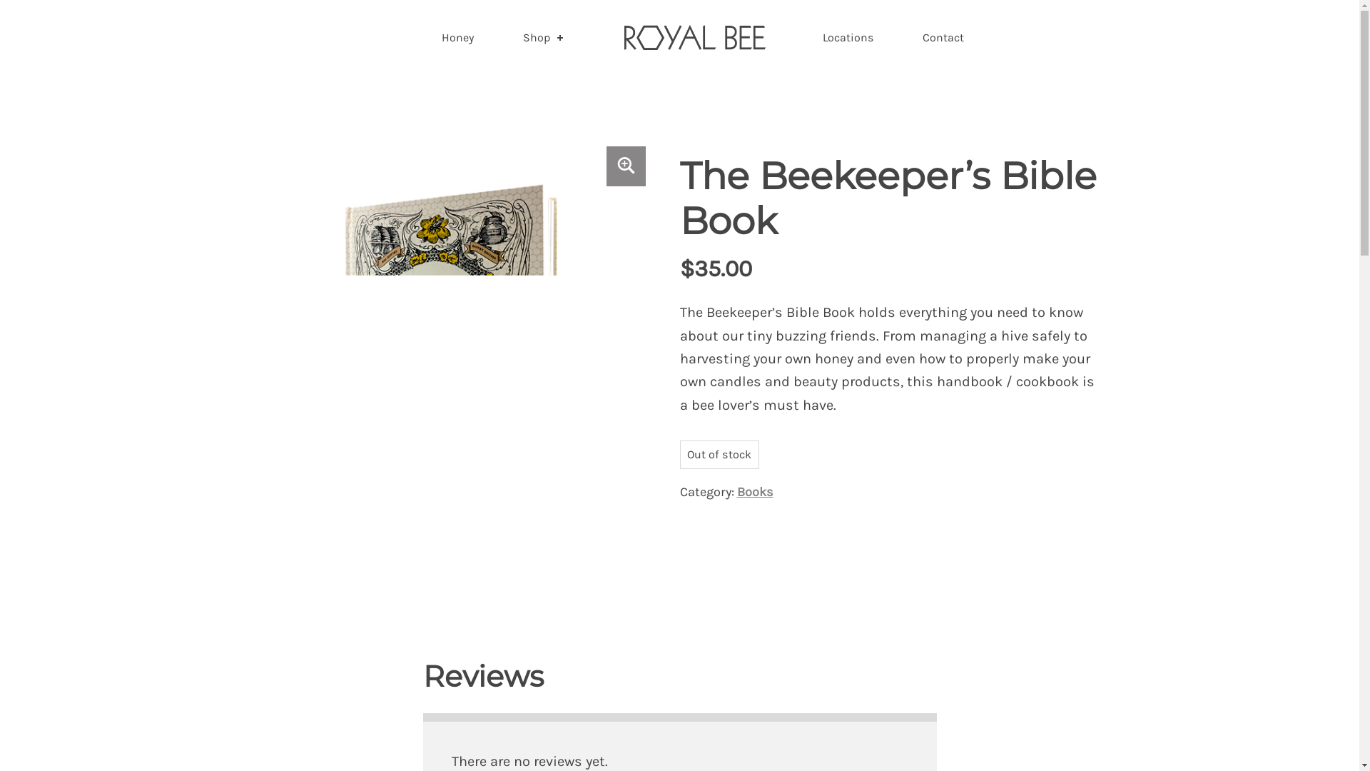  Describe the element at coordinates (543, 36) in the screenshot. I see `'Shop'` at that location.